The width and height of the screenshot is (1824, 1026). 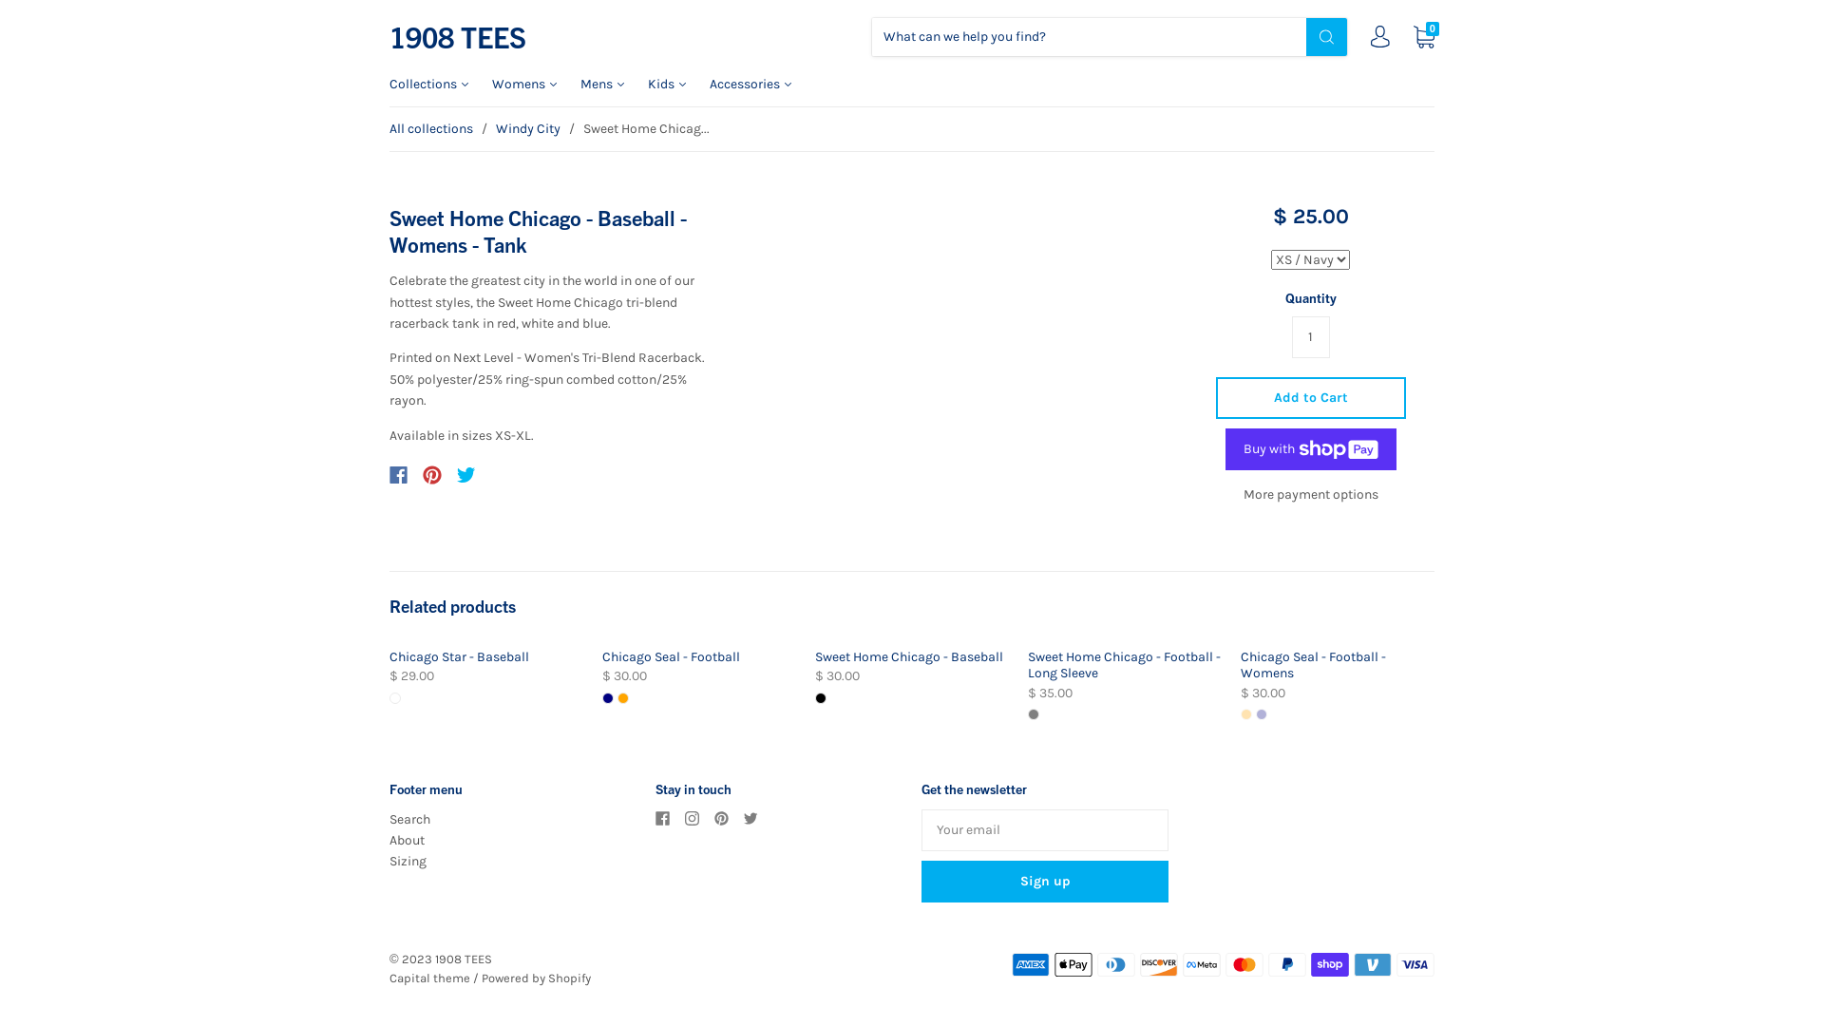 What do you see at coordinates (671, 655) in the screenshot?
I see `'Chicago Seal - Football'` at bounding box center [671, 655].